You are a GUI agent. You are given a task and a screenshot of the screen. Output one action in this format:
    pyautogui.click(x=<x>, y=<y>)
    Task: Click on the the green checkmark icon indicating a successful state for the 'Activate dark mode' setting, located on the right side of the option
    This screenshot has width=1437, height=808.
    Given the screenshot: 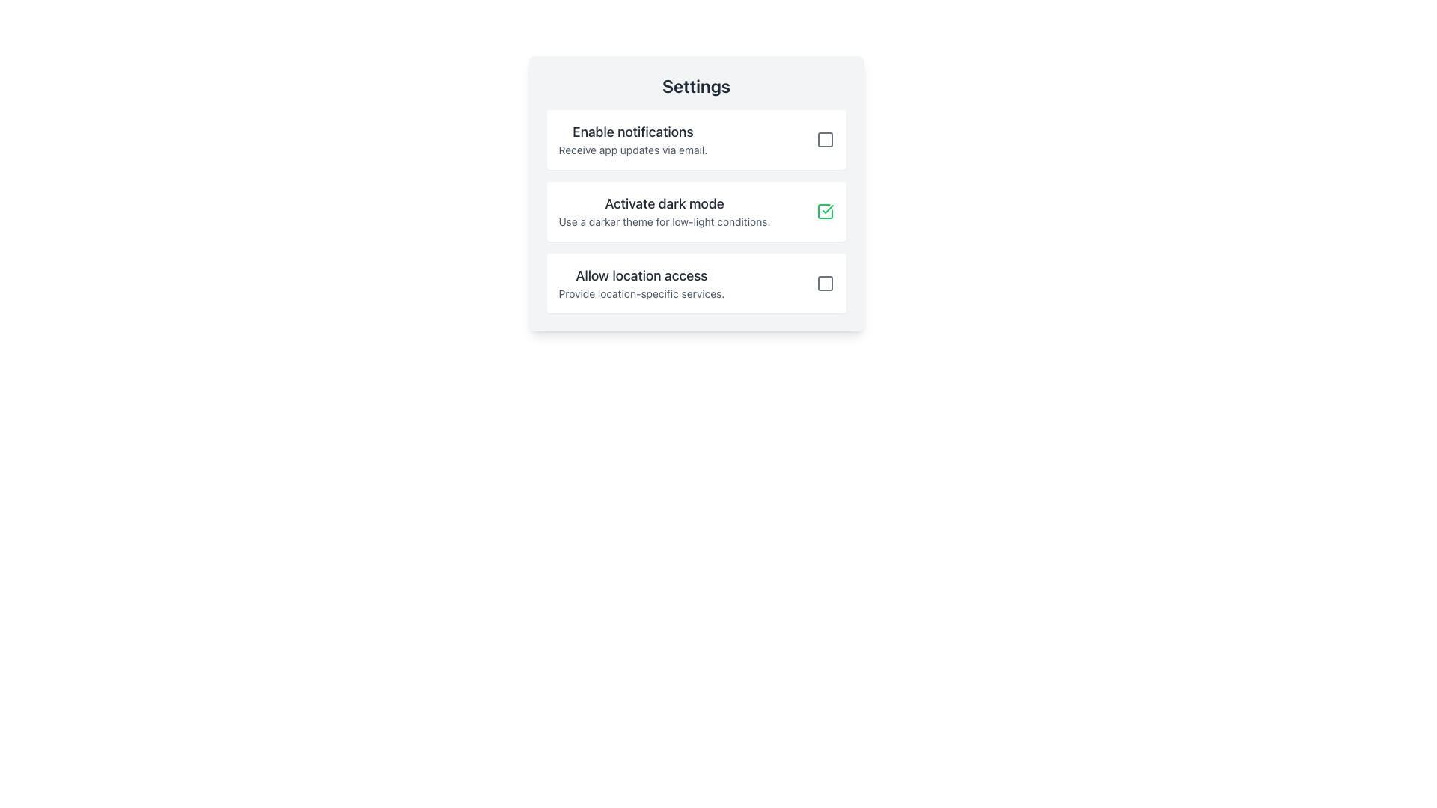 What is the action you would take?
    pyautogui.click(x=826, y=209)
    